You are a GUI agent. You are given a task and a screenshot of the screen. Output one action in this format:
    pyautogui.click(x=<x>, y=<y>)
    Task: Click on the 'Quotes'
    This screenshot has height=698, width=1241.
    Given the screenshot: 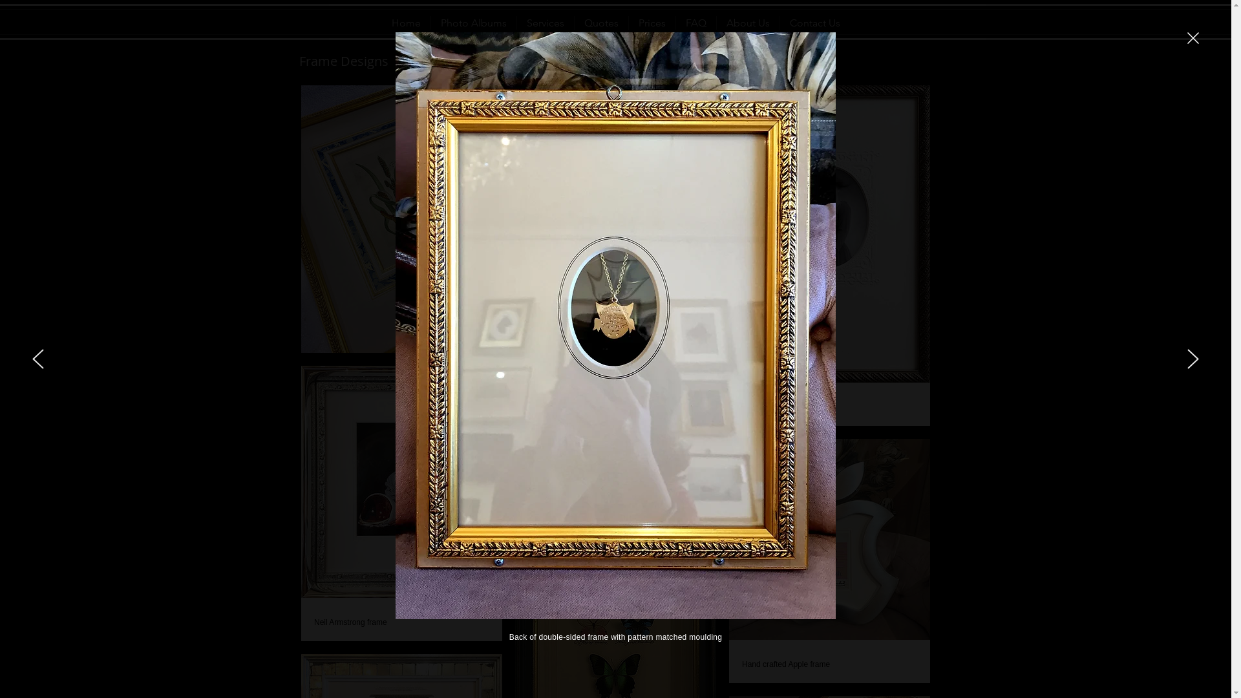 What is the action you would take?
    pyautogui.click(x=600, y=22)
    